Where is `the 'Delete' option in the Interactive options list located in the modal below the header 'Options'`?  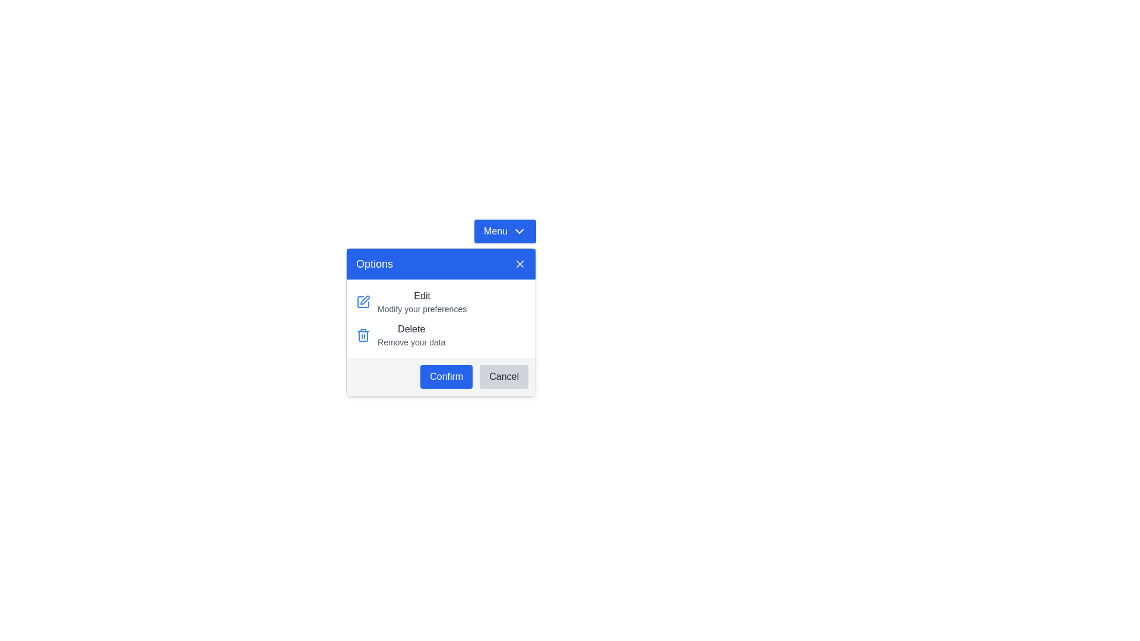
the 'Delete' option in the Interactive options list located in the modal below the header 'Options' is located at coordinates (441, 318).